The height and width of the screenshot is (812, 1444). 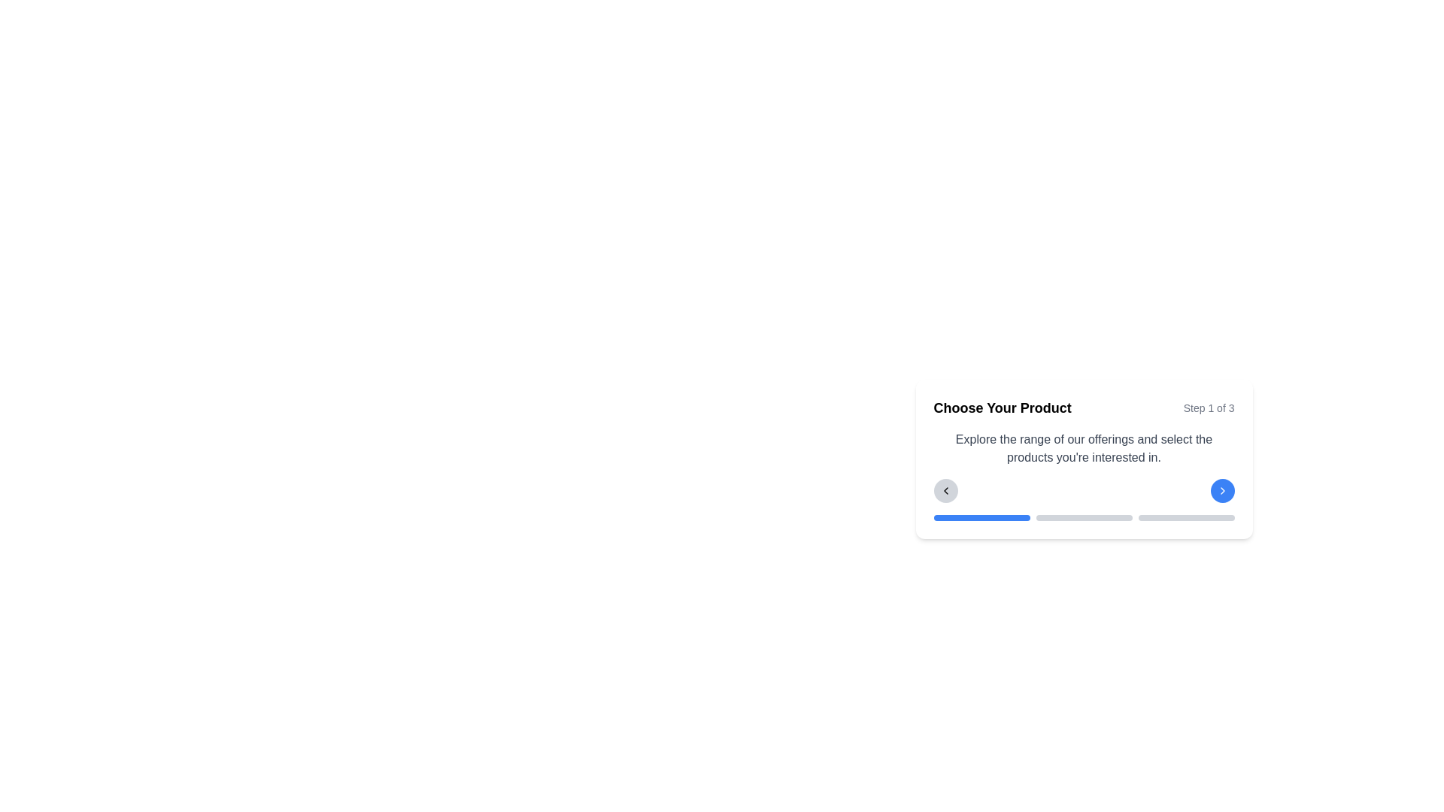 What do you see at coordinates (1222, 490) in the screenshot?
I see `the right-pointing chevron icon inside the circular button` at bounding box center [1222, 490].